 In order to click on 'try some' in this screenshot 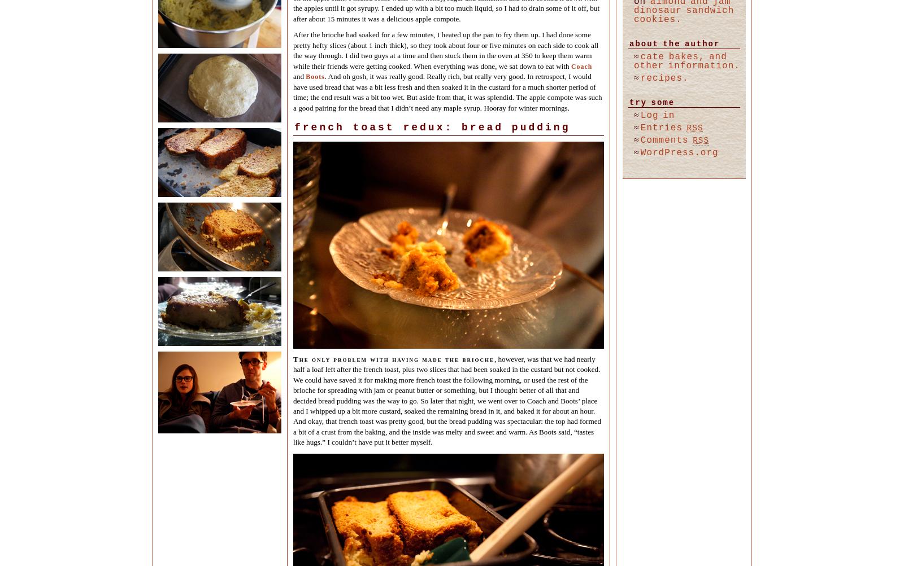, I will do `click(651, 102)`.